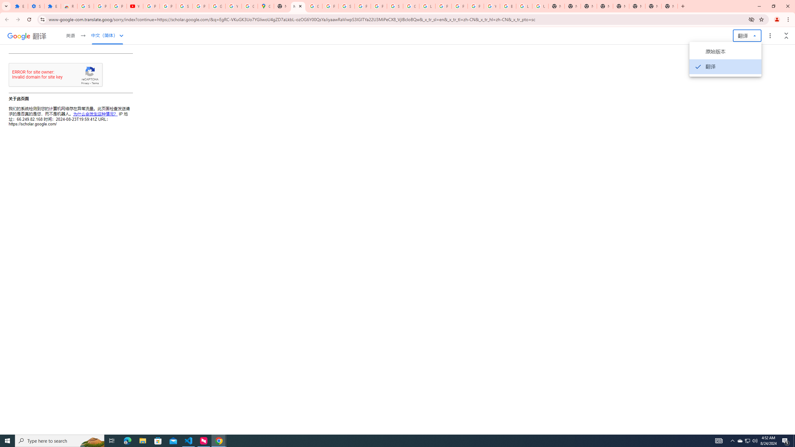 Image resolution: width=795 pixels, height=447 pixels. Describe the element at coordinates (670, 6) in the screenshot. I see `'New Tab'` at that location.